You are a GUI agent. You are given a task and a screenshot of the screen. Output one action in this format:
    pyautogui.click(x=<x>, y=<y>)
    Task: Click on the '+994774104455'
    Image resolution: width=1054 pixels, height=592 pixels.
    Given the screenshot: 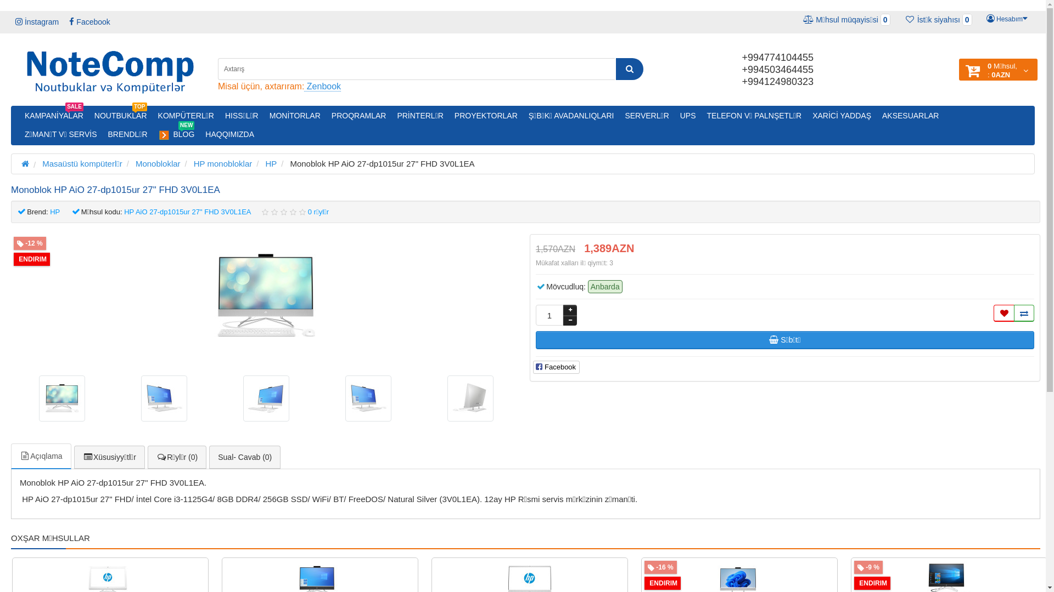 What is the action you would take?
    pyautogui.click(x=777, y=57)
    